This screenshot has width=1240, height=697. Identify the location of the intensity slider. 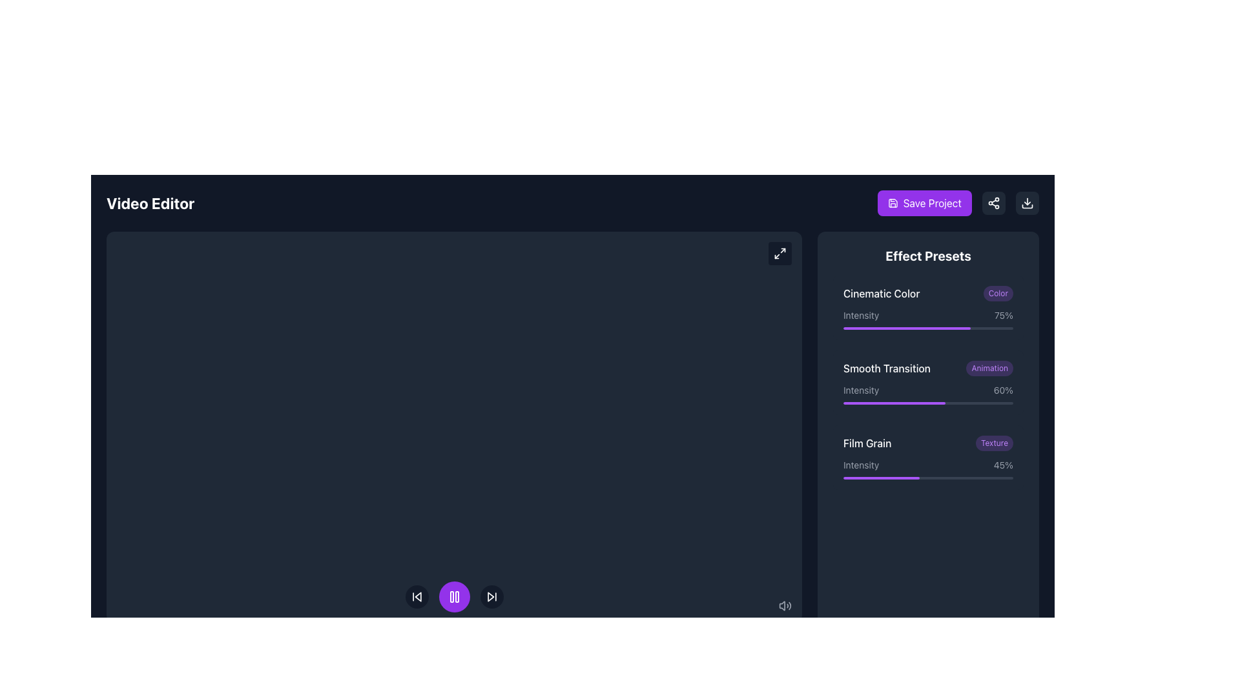
(919, 478).